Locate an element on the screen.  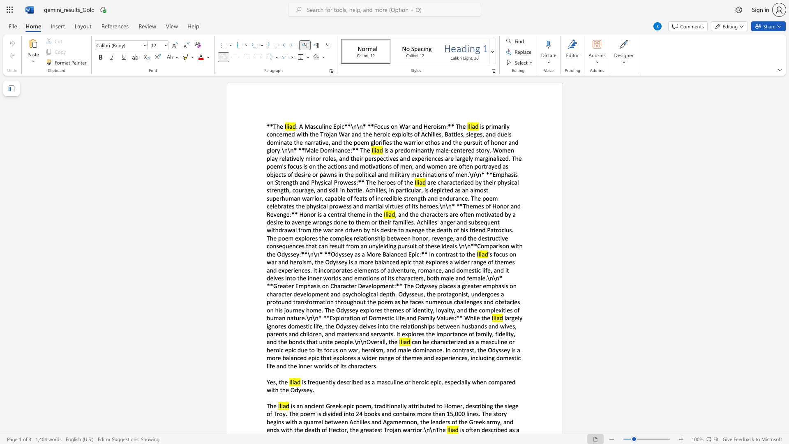
the subset text "the s" within the text "is an ancient Greek epic poem, traditionally attributed to Homer, describing the siege of Troy. The poem is divided into 24 books and contains more than 15,000 lines. The story begins with a quarrel between Achilles and Agamemnon, the leaders of the Greek army, and ends with the death of Hector, the greatest Trojan warrior.\n\nThe" is located at coordinates (494, 405).